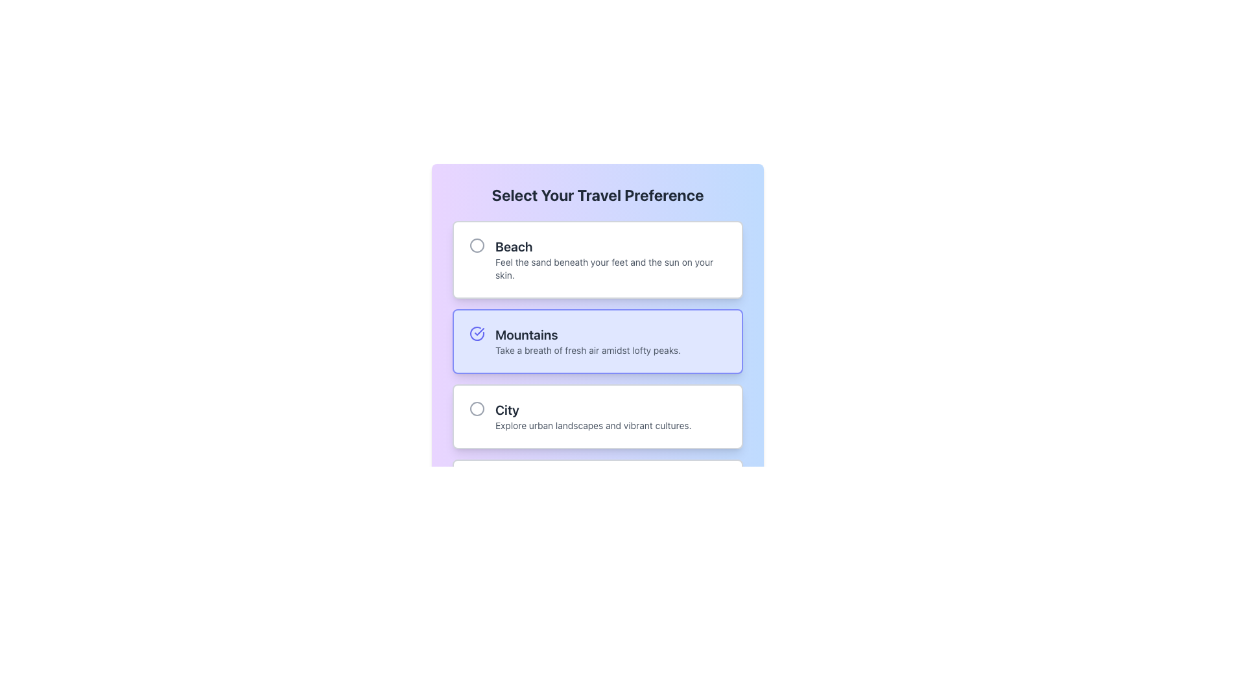 This screenshot has width=1245, height=700. I want to click on the Radio button indicator for the 'Beach' option, so click(476, 245).